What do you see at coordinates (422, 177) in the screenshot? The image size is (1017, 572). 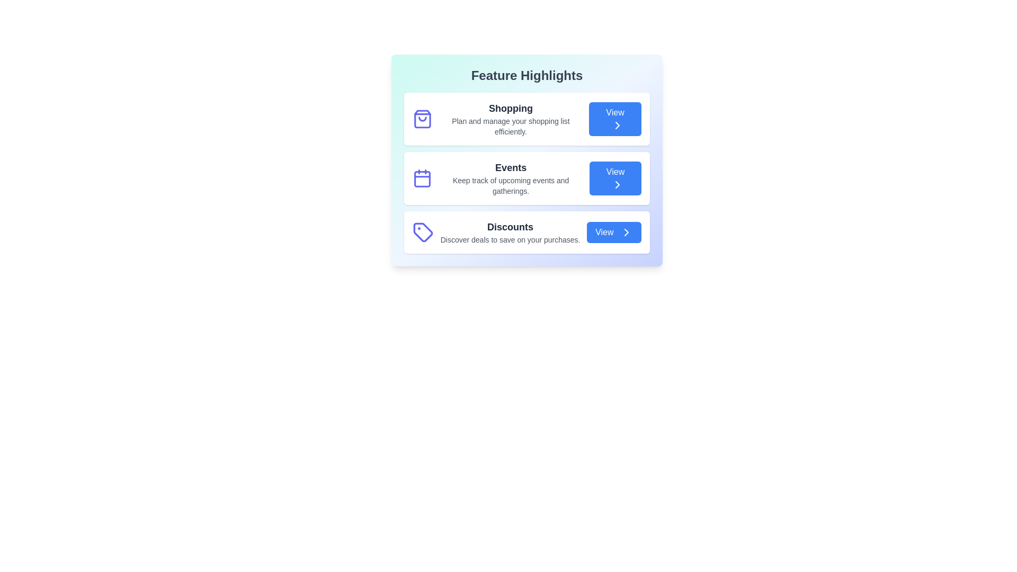 I see `the icon corresponding to Events to check its functionality` at bounding box center [422, 177].